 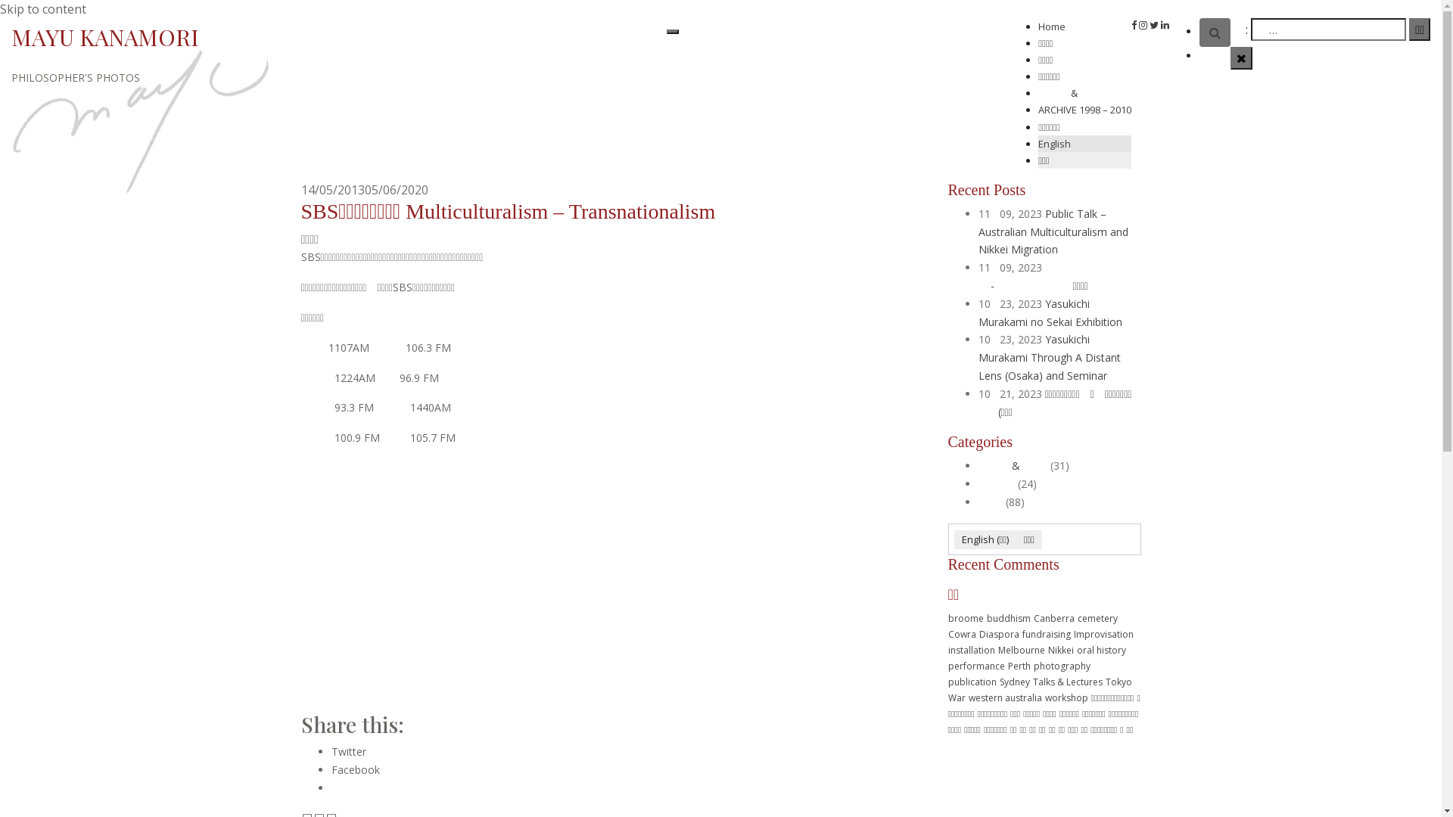 What do you see at coordinates (975, 665) in the screenshot?
I see `'performance'` at bounding box center [975, 665].